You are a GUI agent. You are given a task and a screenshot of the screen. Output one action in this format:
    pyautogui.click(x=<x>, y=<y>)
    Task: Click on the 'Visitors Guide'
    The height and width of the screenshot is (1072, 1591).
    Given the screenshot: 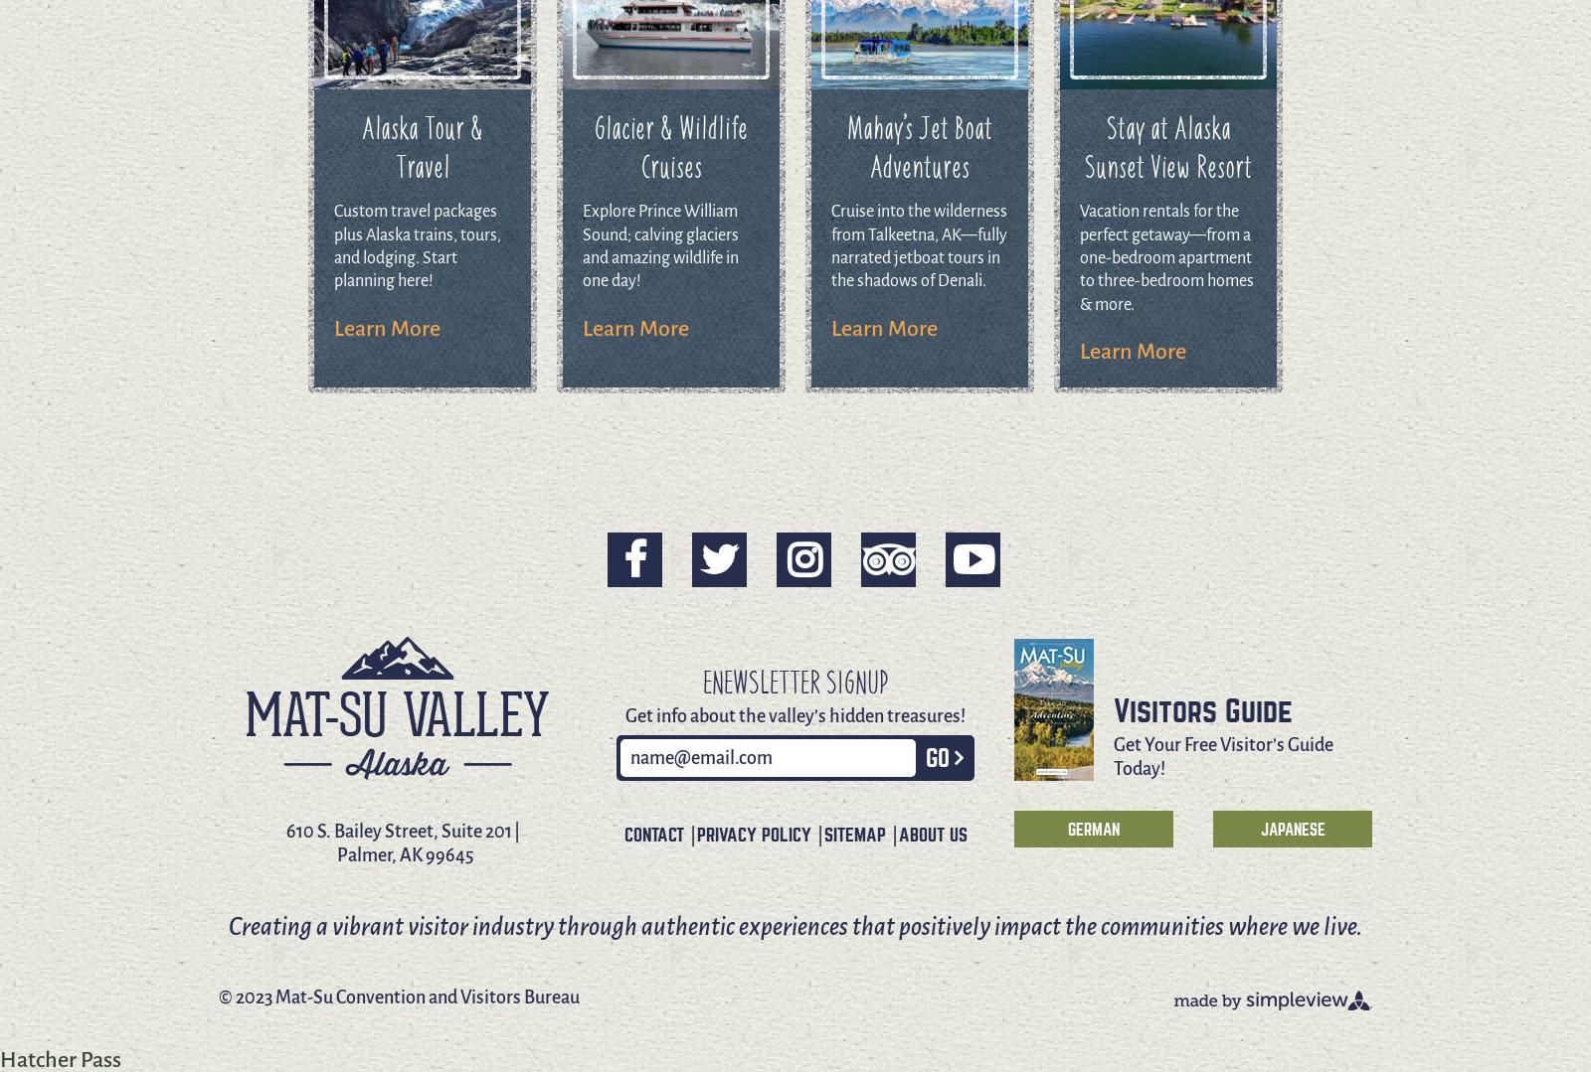 What is the action you would take?
    pyautogui.click(x=1201, y=709)
    